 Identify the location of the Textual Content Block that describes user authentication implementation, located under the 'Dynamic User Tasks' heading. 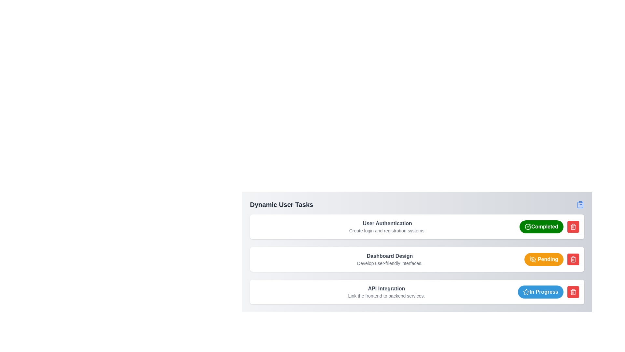
(387, 226).